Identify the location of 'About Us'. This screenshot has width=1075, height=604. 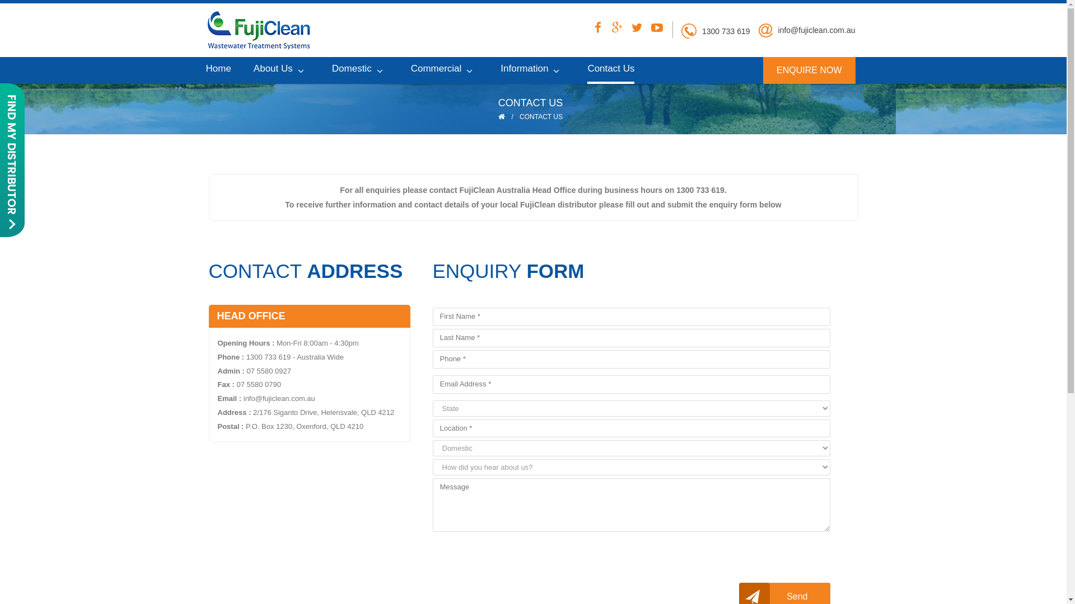
(282, 69).